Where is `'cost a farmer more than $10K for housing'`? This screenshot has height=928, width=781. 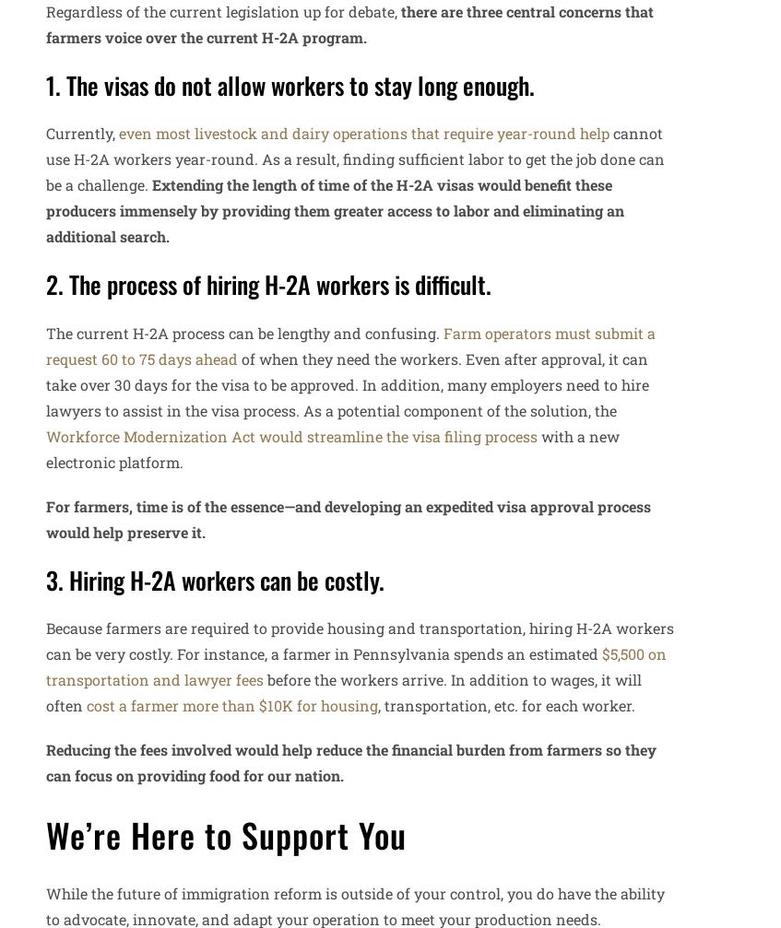 'cost a farmer more than $10K for housing' is located at coordinates (231, 704).